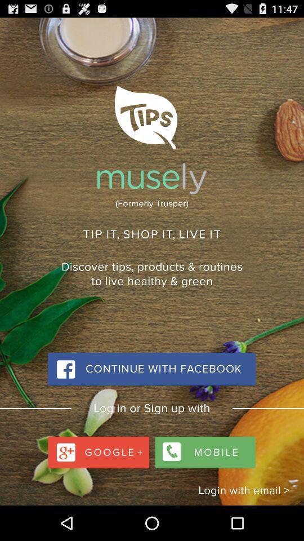 The image size is (304, 541). What do you see at coordinates (100, 449) in the screenshot?
I see `google` at bounding box center [100, 449].